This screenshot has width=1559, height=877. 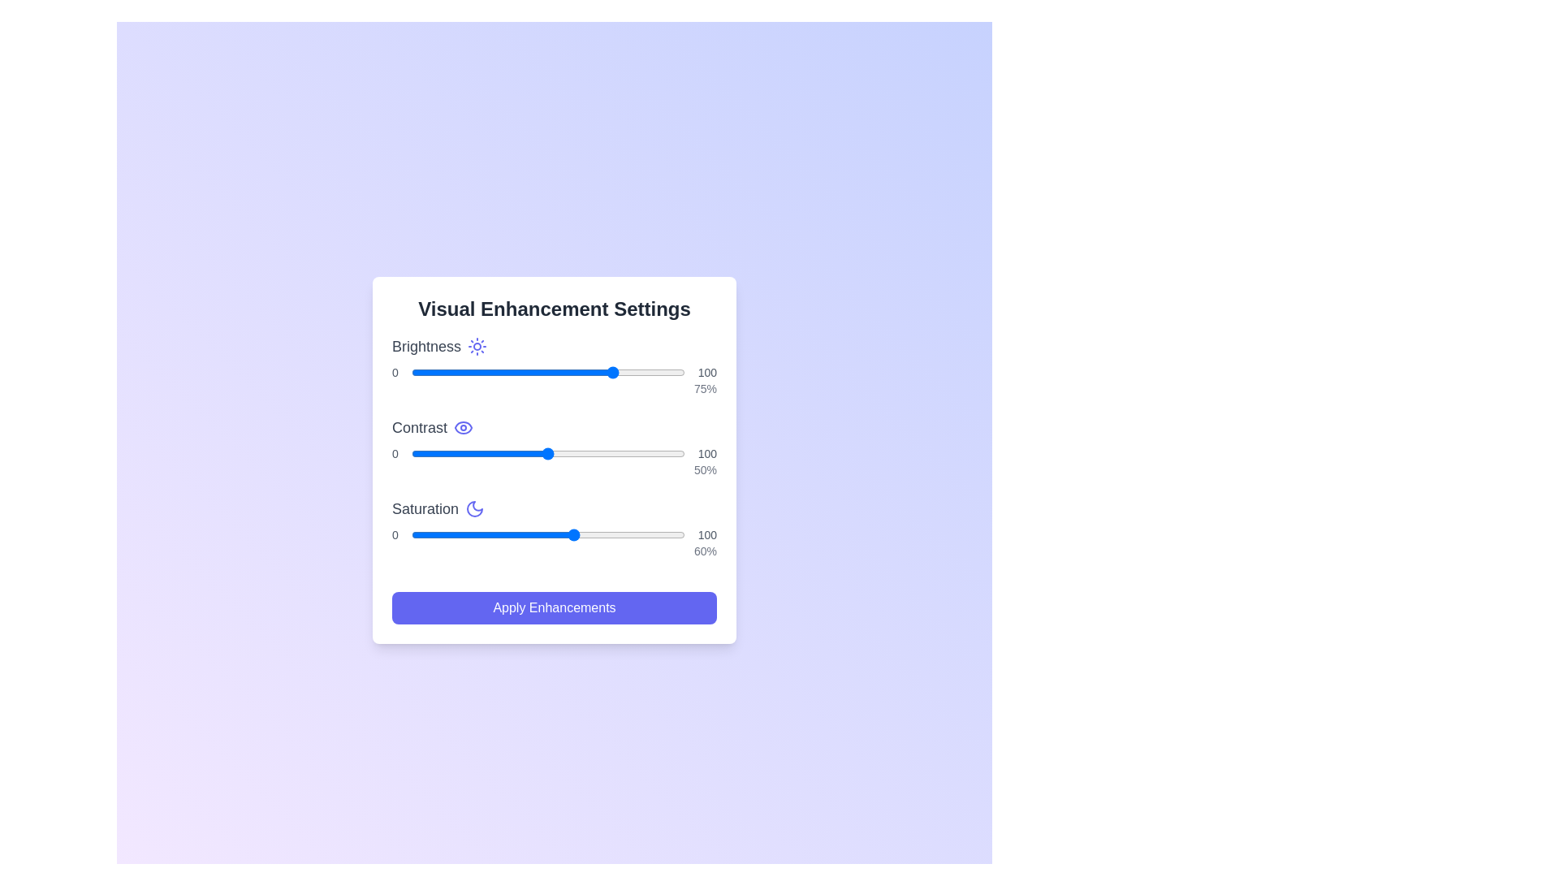 What do you see at coordinates (465, 535) in the screenshot?
I see `the saturation slider to 20%` at bounding box center [465, 535].